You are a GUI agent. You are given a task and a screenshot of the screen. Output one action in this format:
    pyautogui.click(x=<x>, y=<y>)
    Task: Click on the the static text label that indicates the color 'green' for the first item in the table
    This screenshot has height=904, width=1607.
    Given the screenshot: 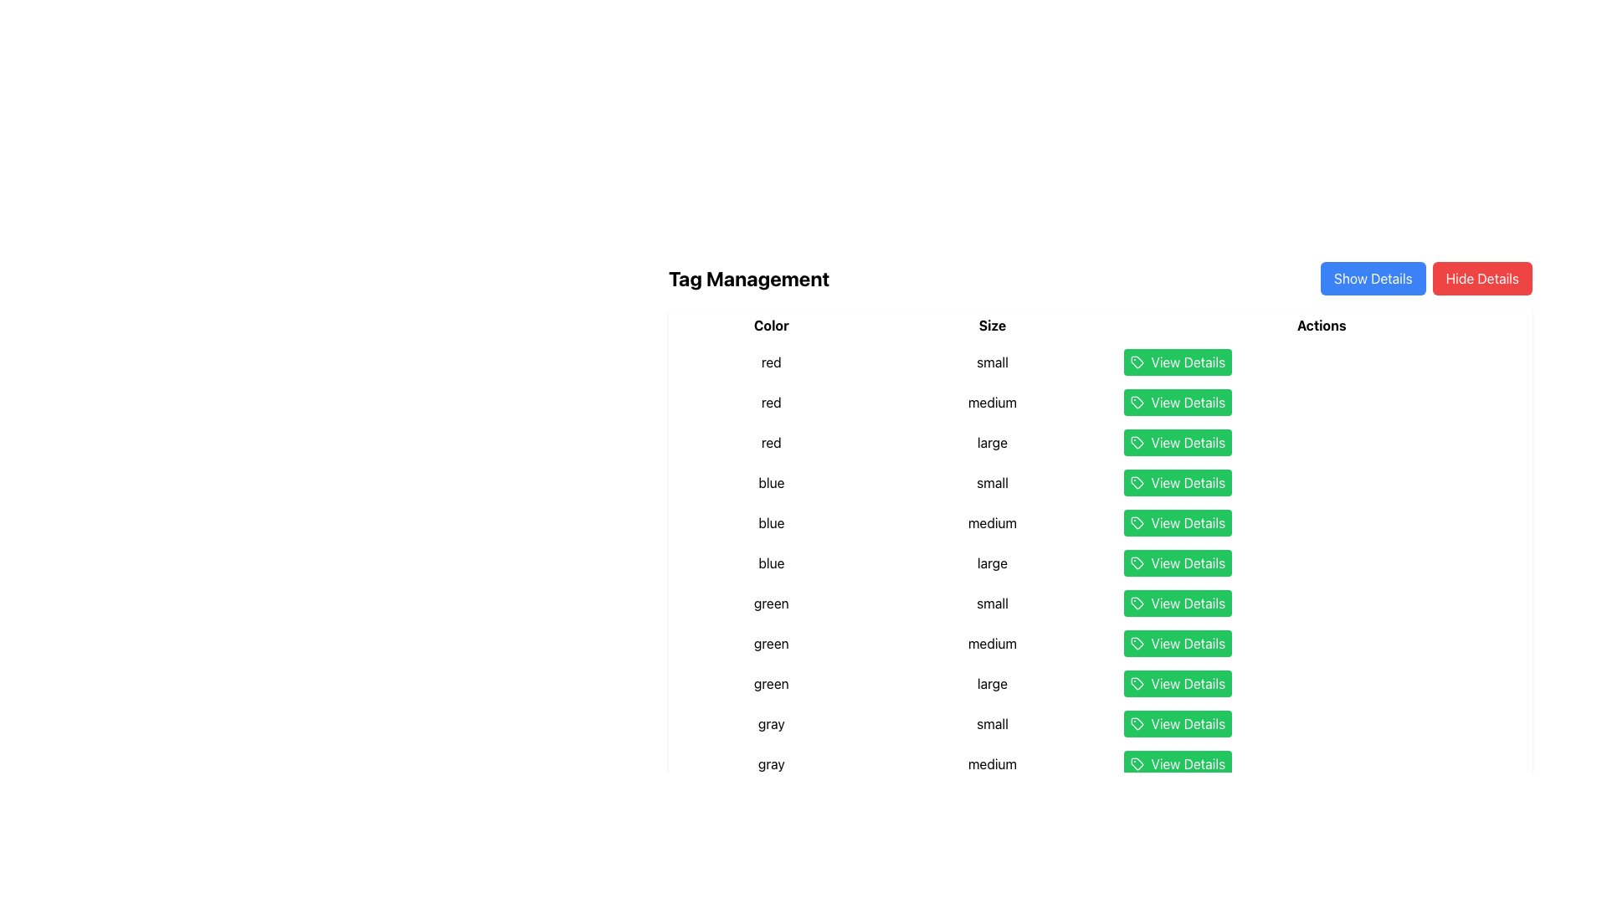 What is the action you would take?
    pyautogui.click(x=770, y=684)
    